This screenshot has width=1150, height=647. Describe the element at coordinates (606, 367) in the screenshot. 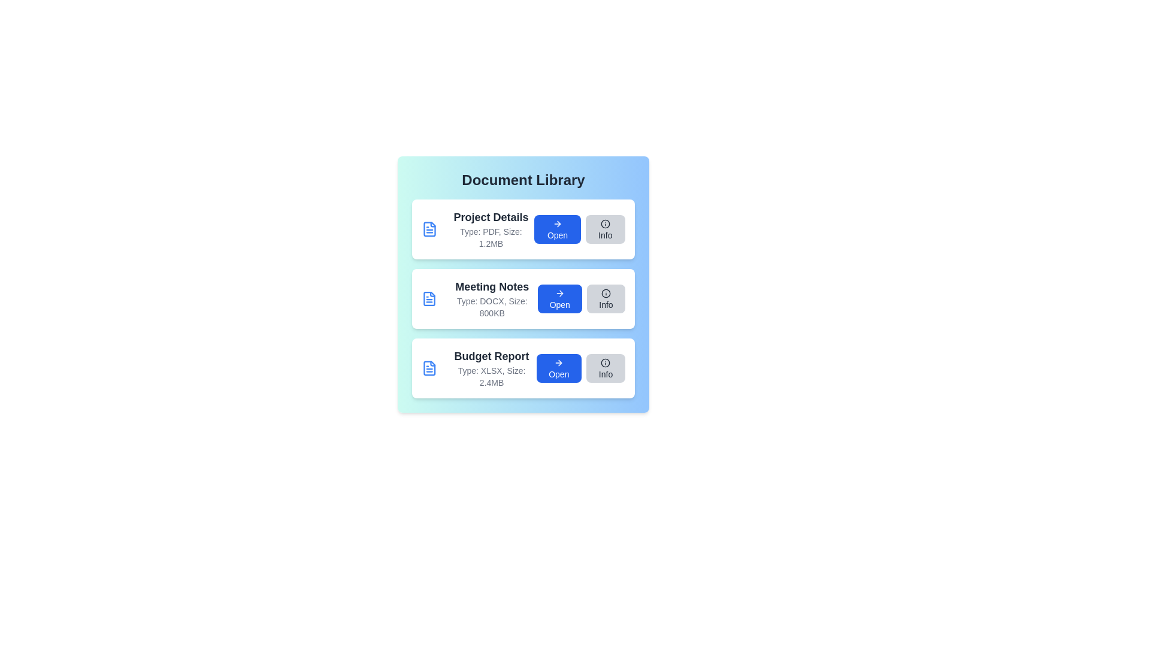

I see `the 'Info' button for the document titled 'Budget Report'` at that location.